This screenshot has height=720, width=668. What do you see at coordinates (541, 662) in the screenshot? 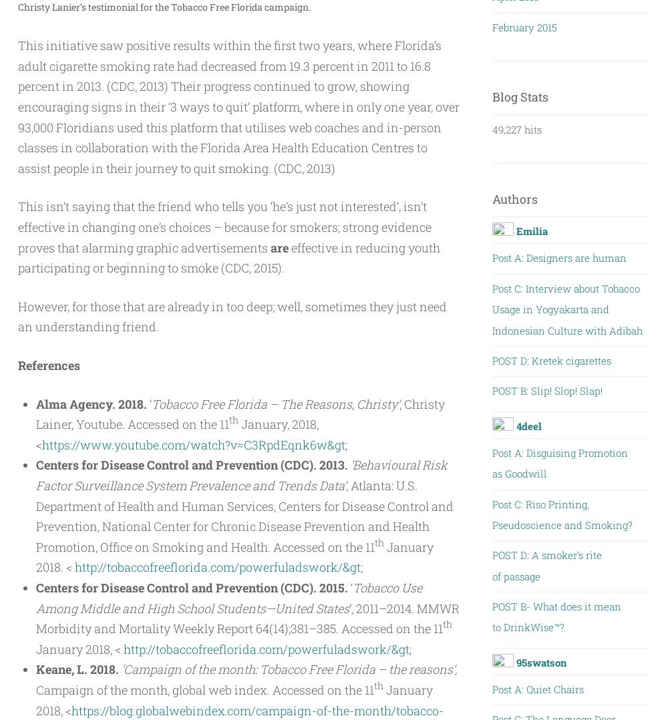
I see `'95swatson'` at bounding box center [541, 662].